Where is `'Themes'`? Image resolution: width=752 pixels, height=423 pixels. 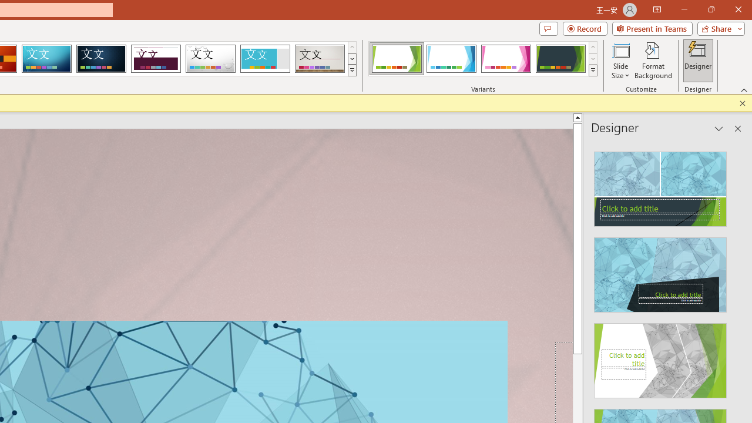
'Themes' is located at coordinates (351, 70).